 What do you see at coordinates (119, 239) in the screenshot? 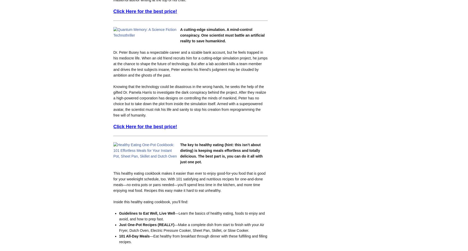
I see `'—Eat healthy from breakfast through dinner with these fulfilling and filling recipes.'` at bounding box center [119, 239].